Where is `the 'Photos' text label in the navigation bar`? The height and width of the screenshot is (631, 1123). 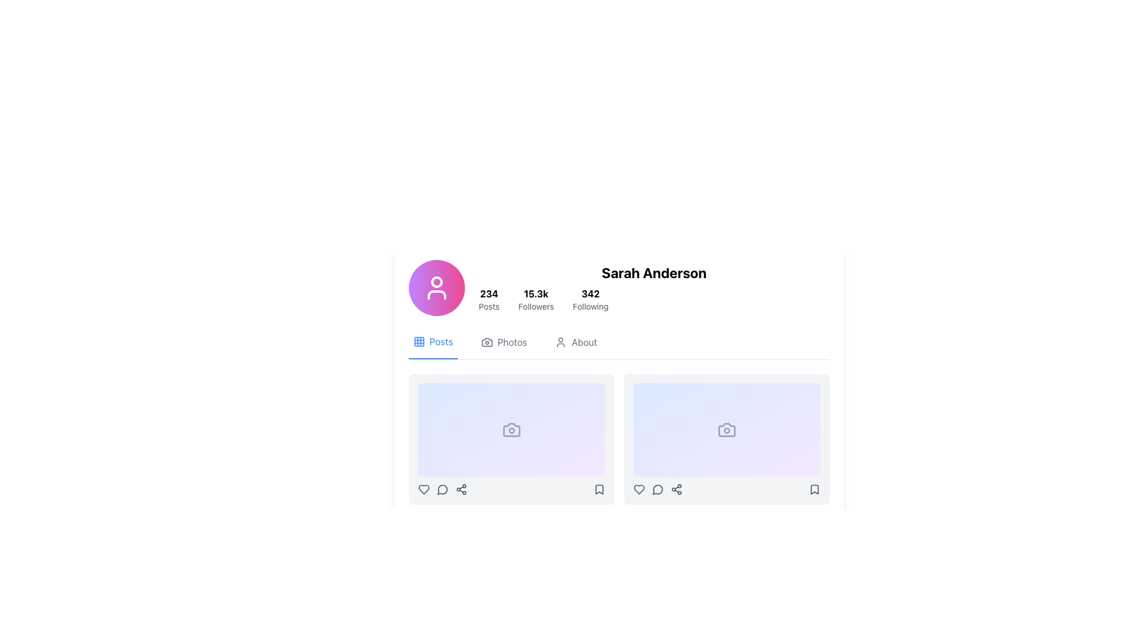
the 'Photos' text label in the navigation bar is located at coordinates (512, 342).